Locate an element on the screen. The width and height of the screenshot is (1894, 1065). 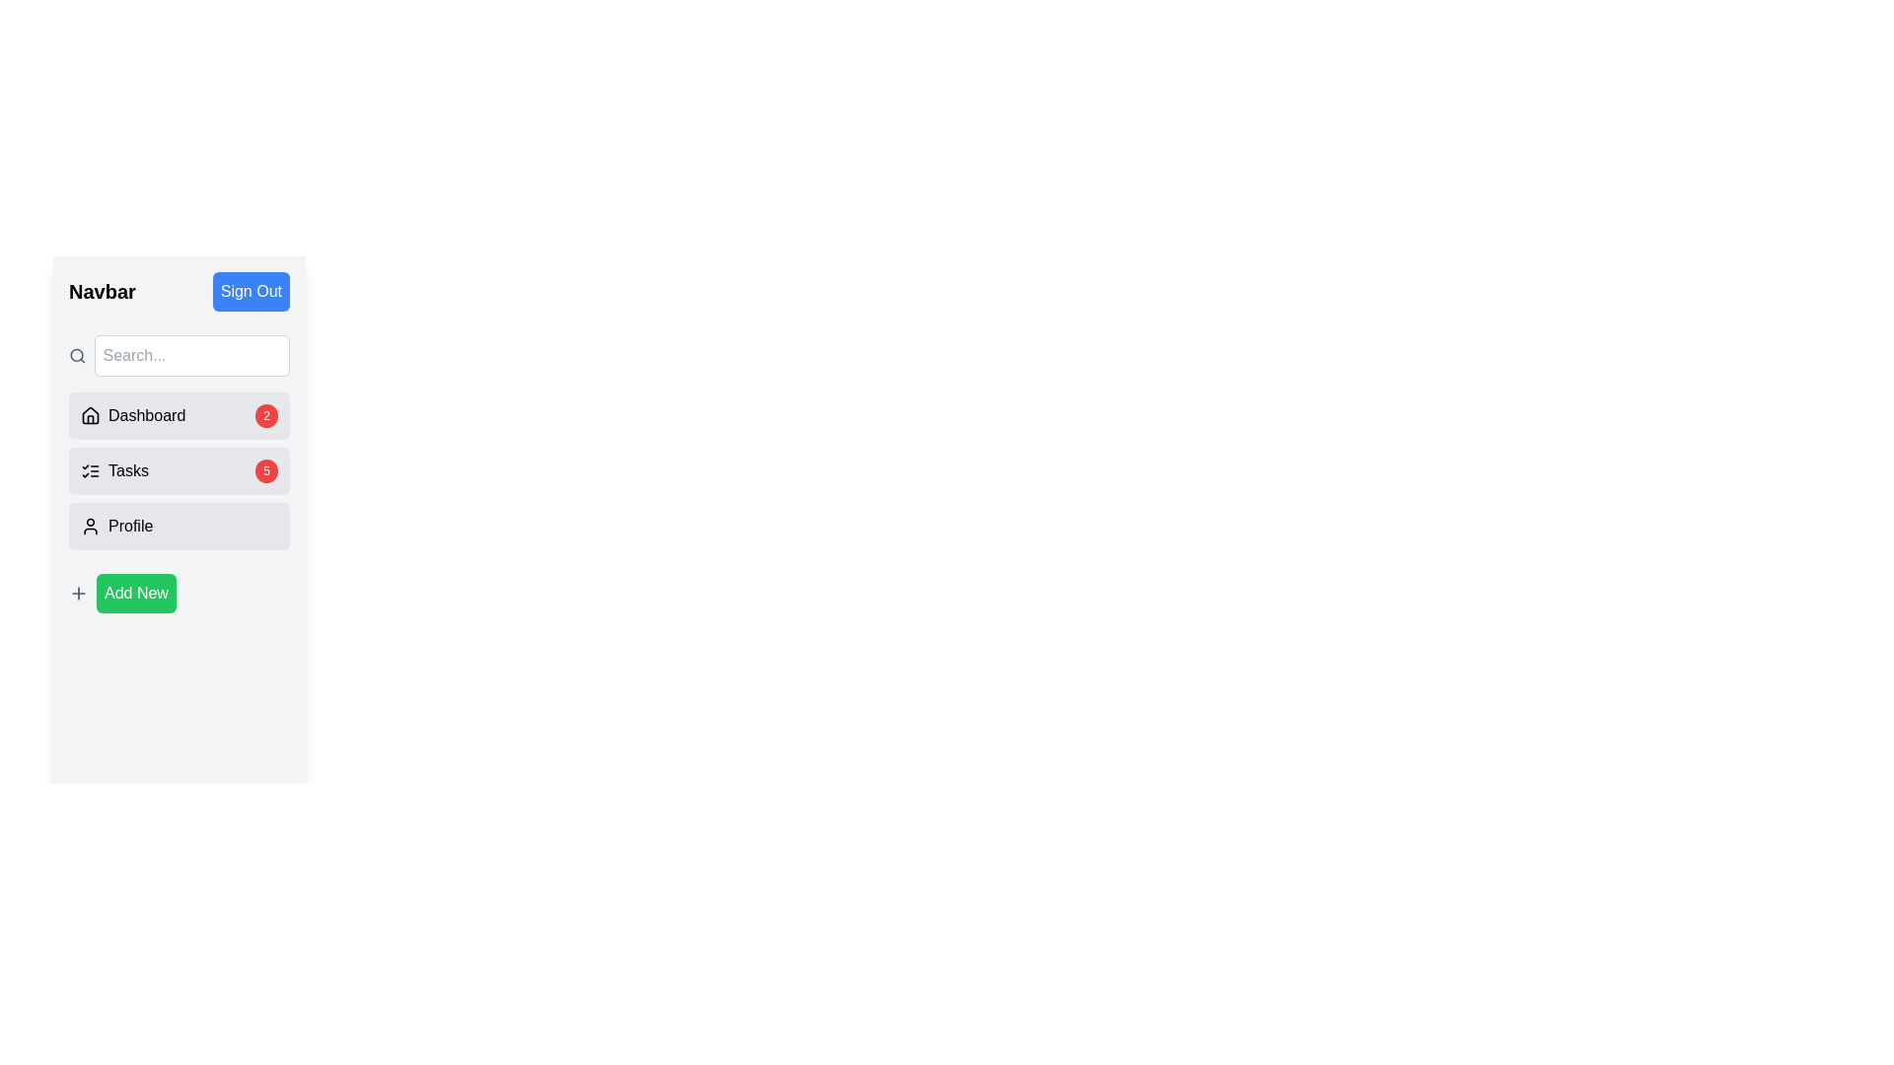
the SVG house icon located to the left of the 'Dashboard' label in the vertical navigation menu for accessibility navigation is located at coordinates (89, 413).